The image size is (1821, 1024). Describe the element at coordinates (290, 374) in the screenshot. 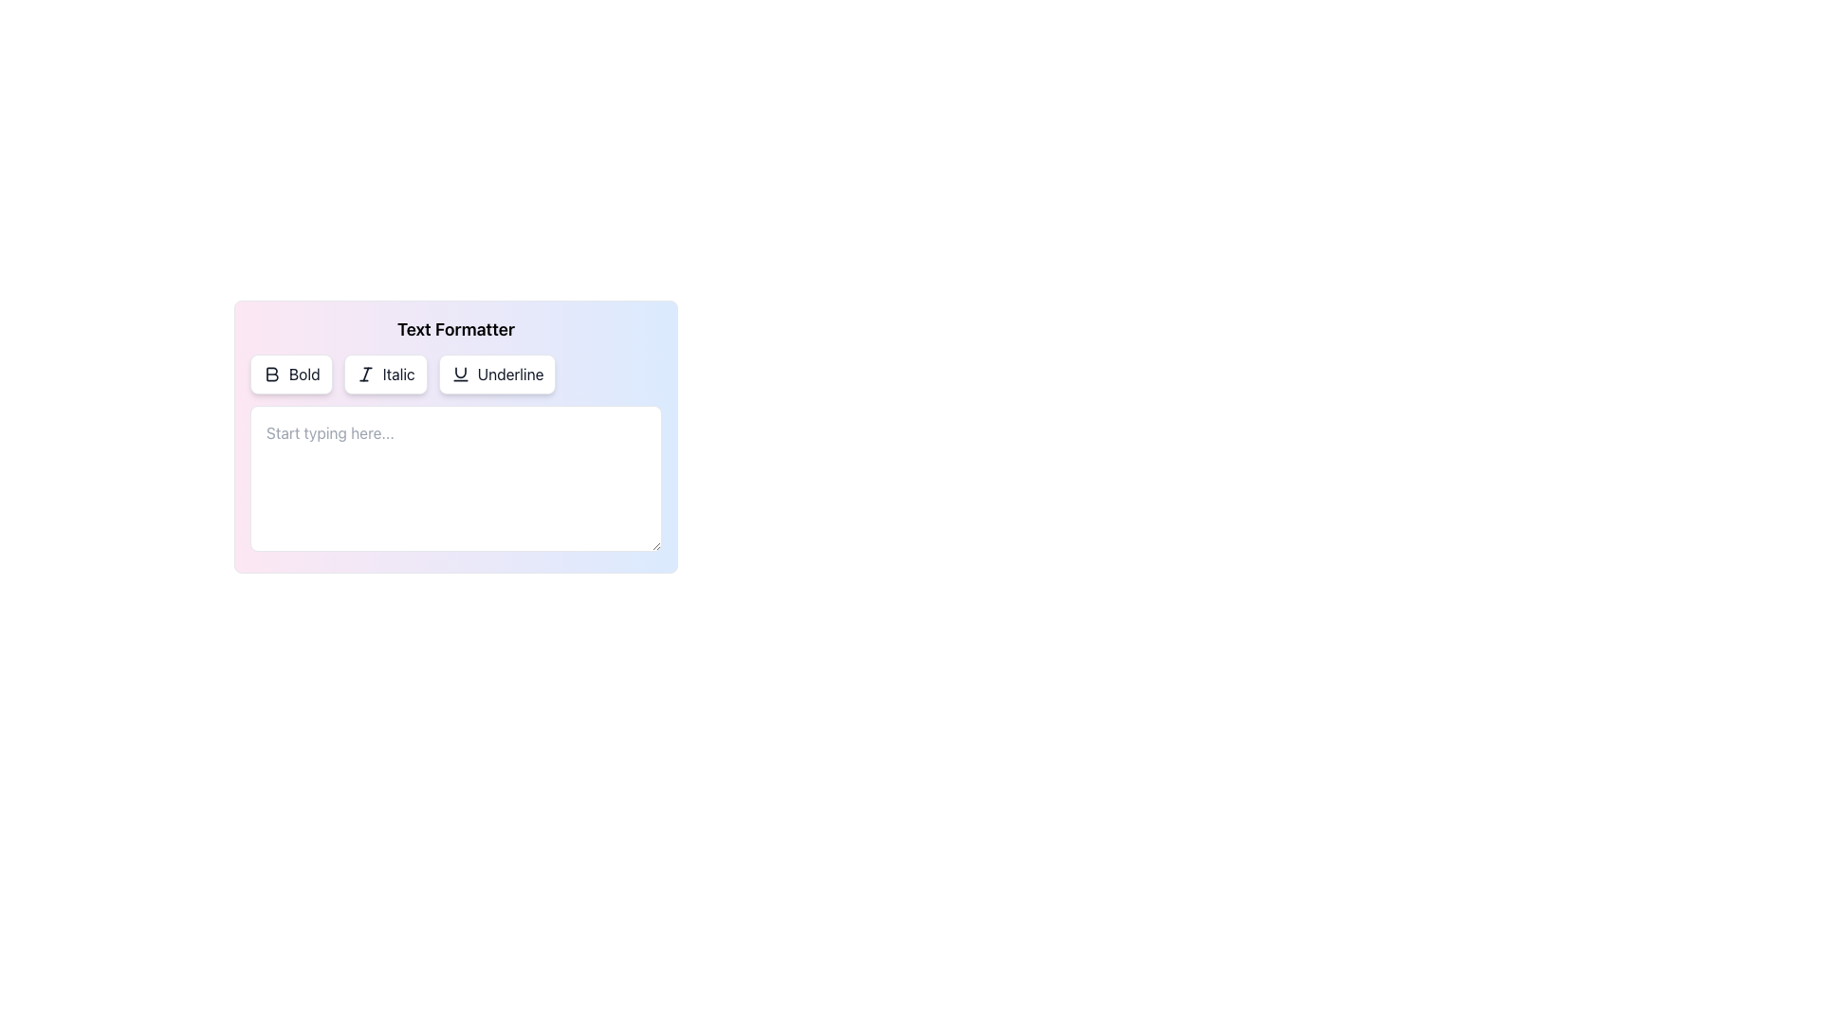

I see `the 'Bold' button, which is the first button in a row of text formatting buttons` at that location.